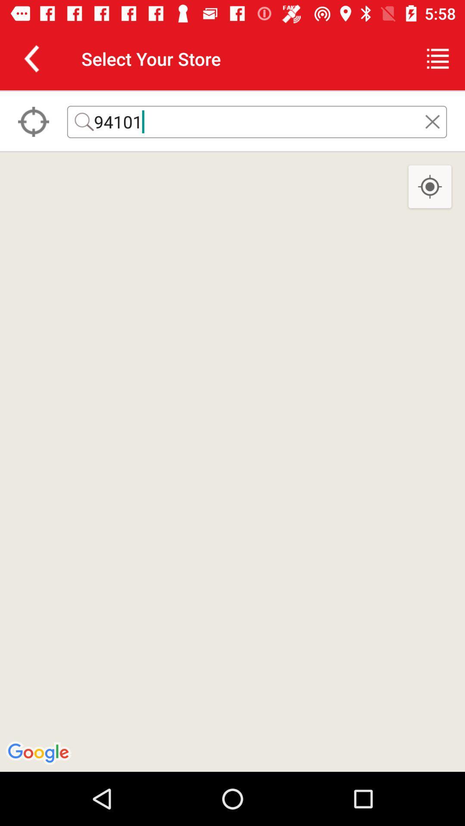  What do you see at coordinates (432, 121) in the screenshot?
I see `the close icon` at bounding box center [432, 121].